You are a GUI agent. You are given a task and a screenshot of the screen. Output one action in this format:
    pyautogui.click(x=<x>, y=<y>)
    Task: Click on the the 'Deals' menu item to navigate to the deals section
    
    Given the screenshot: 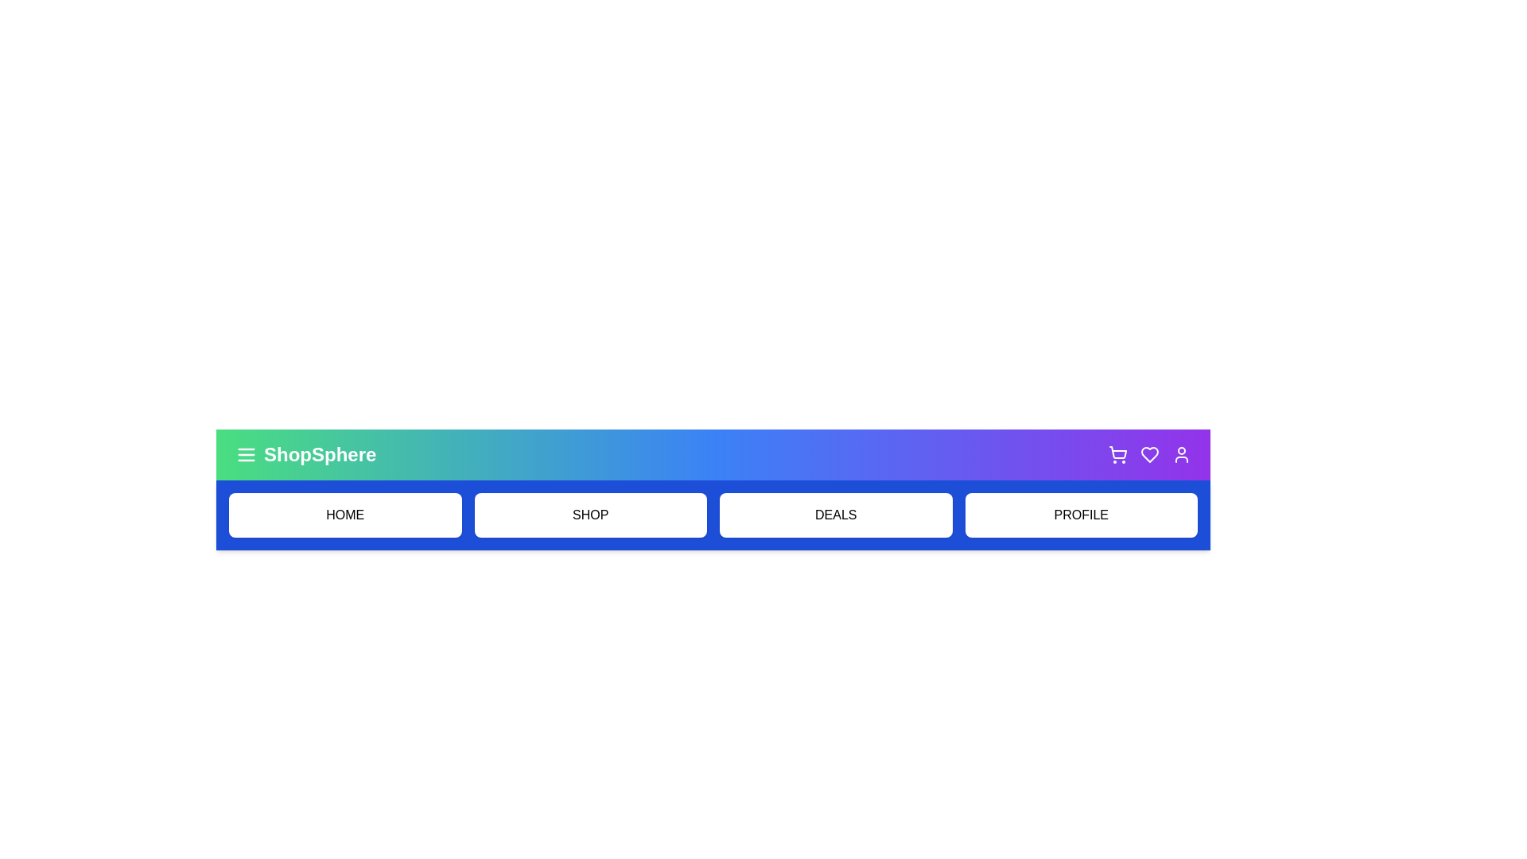 What is the action you would take?
    pyautogui.click(x=835, y=515)
    